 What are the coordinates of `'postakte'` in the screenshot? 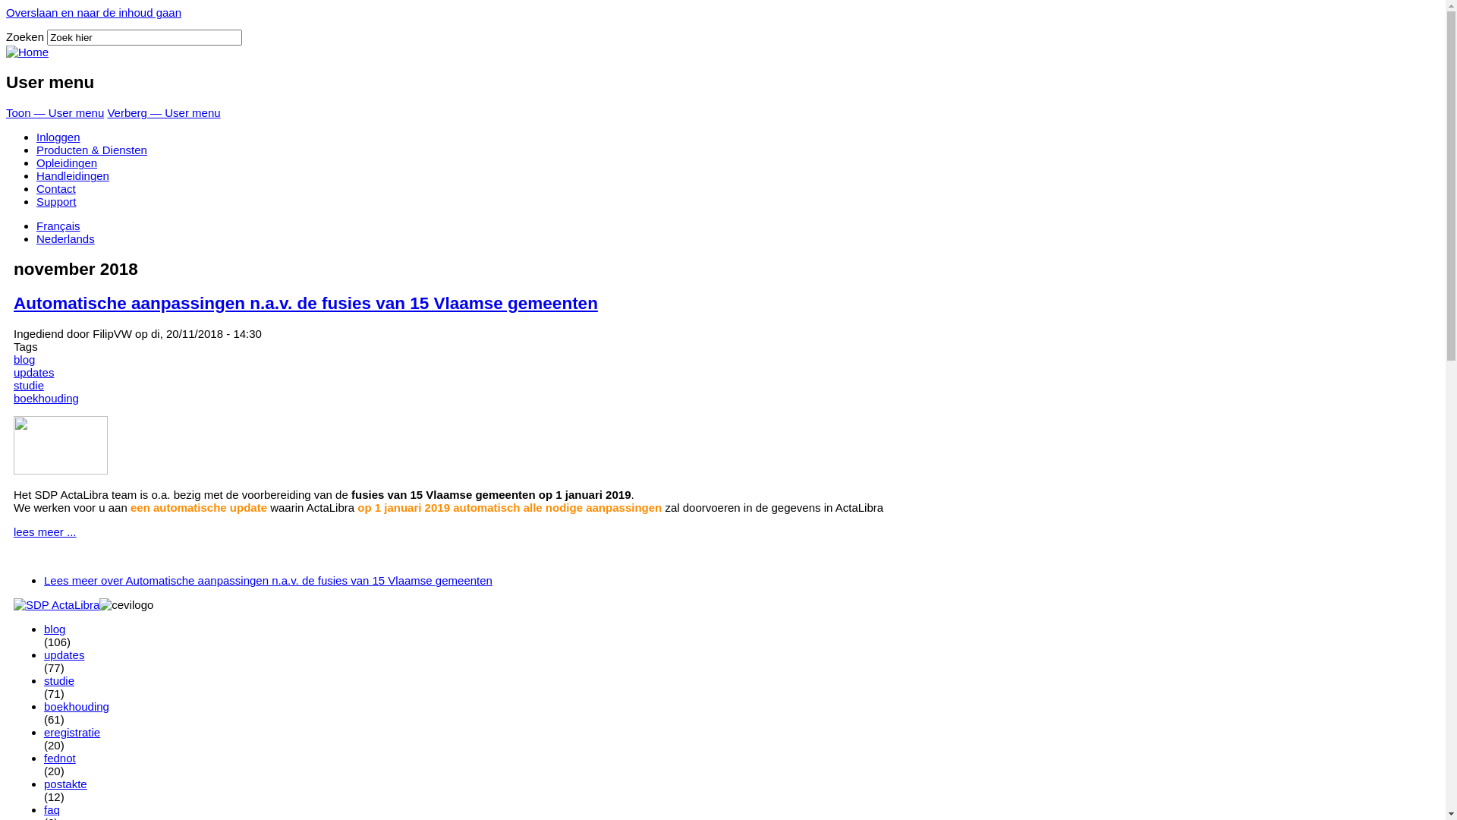 It's located at (65, 784).